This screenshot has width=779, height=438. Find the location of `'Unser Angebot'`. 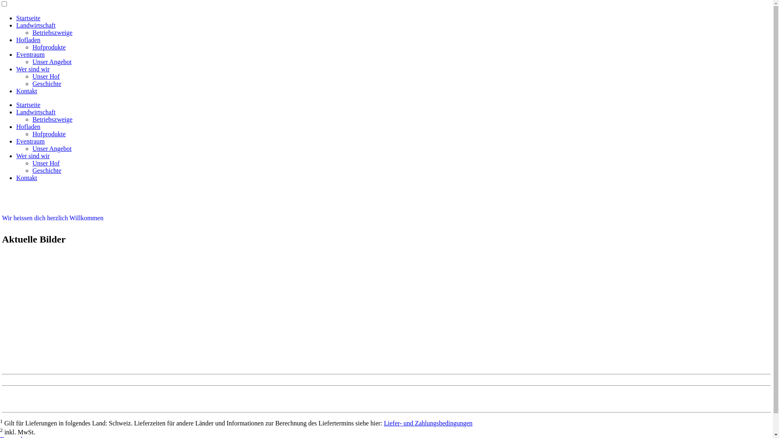

'Unser Angebot' is located at coordinates (32, 148).